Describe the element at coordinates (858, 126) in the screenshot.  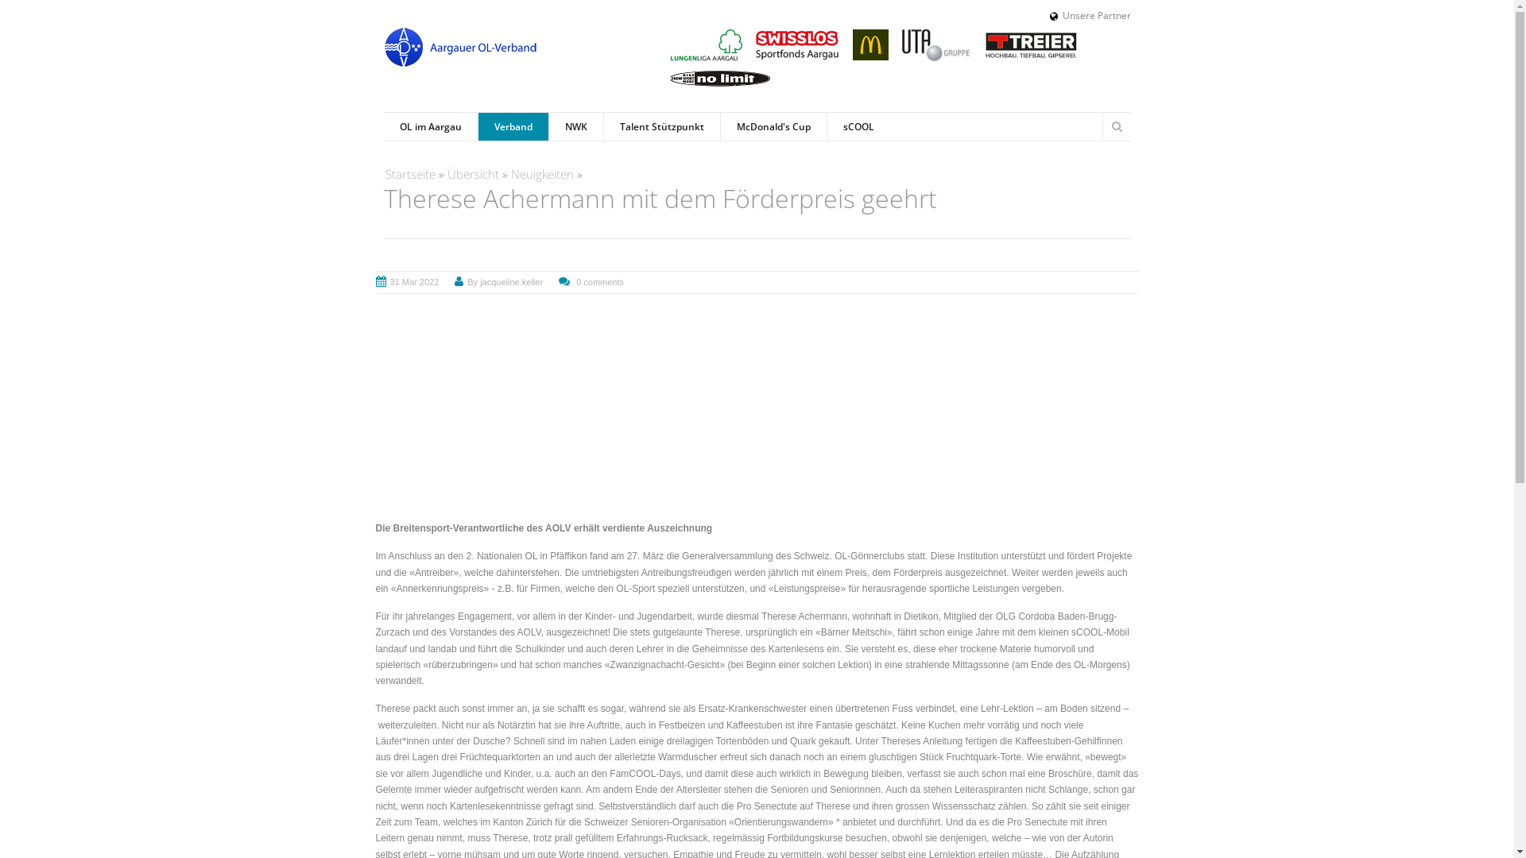
I see `'sCOOL'` at that location.